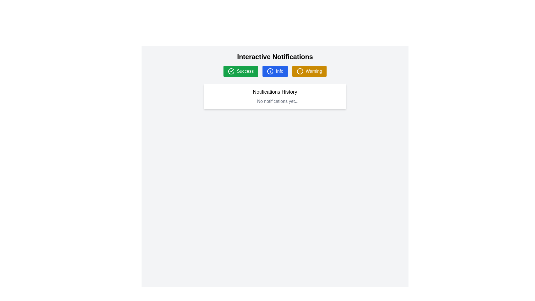 The width and height of the screenshot is (535, 301). Describe the element at coordinates (275, 101) in the screenshot. I see `the text block displaying 'No notifications yet...' located under the 'Notifications History' title in the white card section` at that location.